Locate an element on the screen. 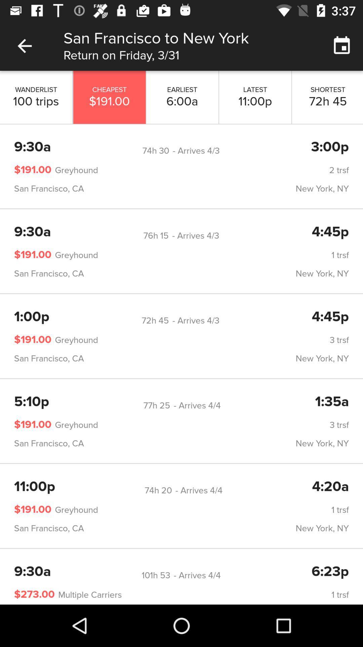  icon next to the - arrives 4/4 item is located at coordinates (156, 575).